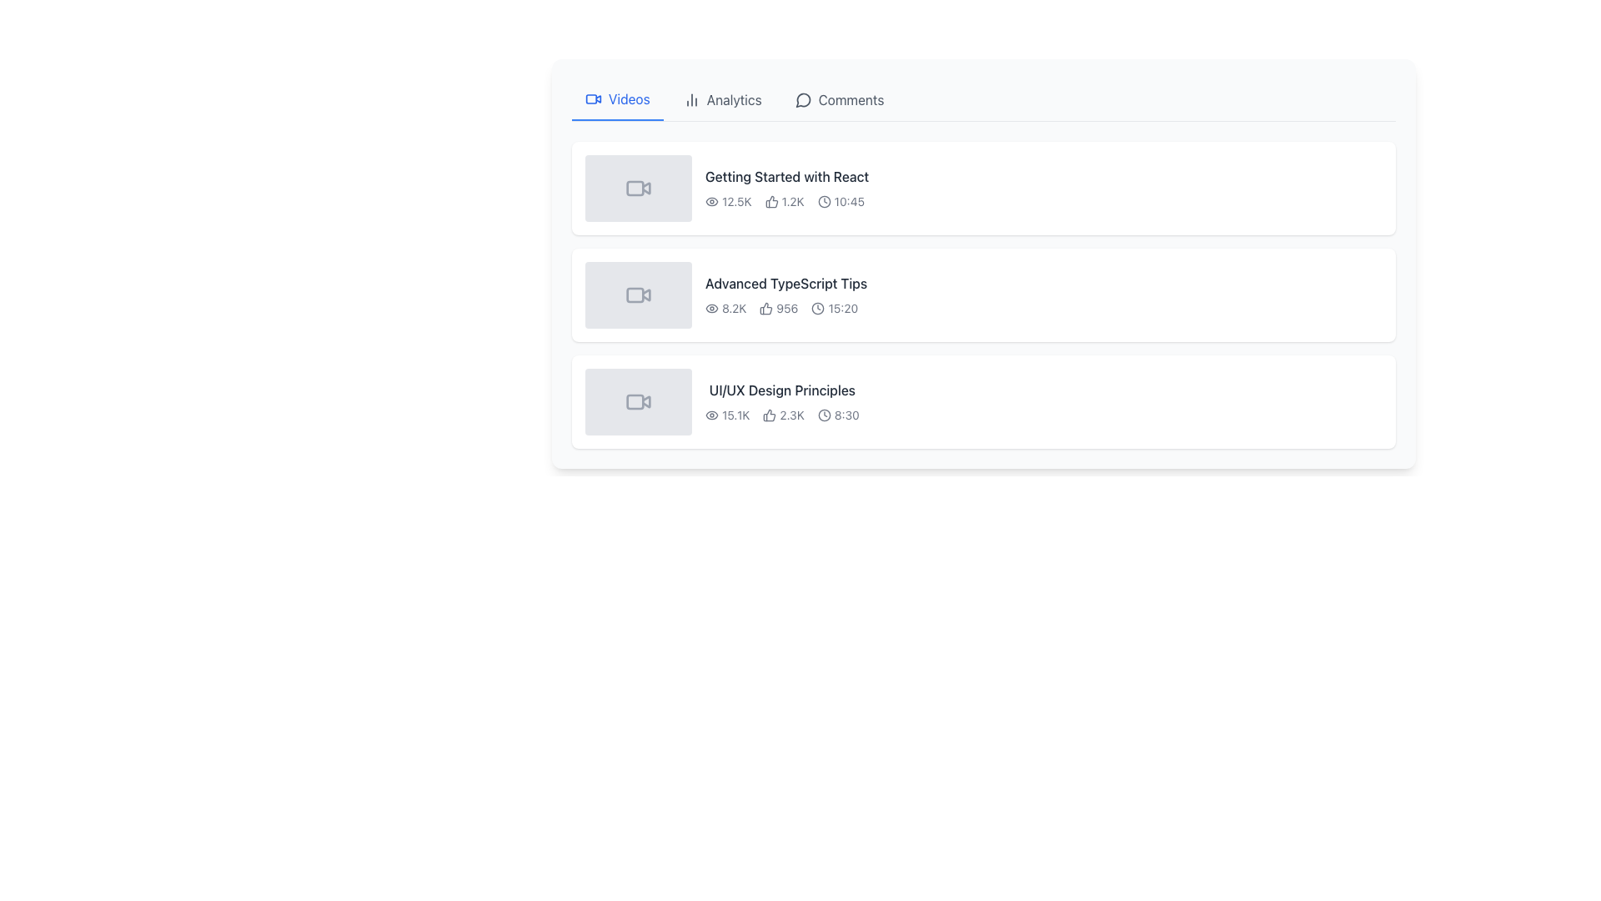  What do you see at coordinates (824, 414) in the screenshot?
I see `the circular shape within the clock icon that visually indicates the duration of the video 'UI/UX Design Principles'` at bounding box center [824, 414].